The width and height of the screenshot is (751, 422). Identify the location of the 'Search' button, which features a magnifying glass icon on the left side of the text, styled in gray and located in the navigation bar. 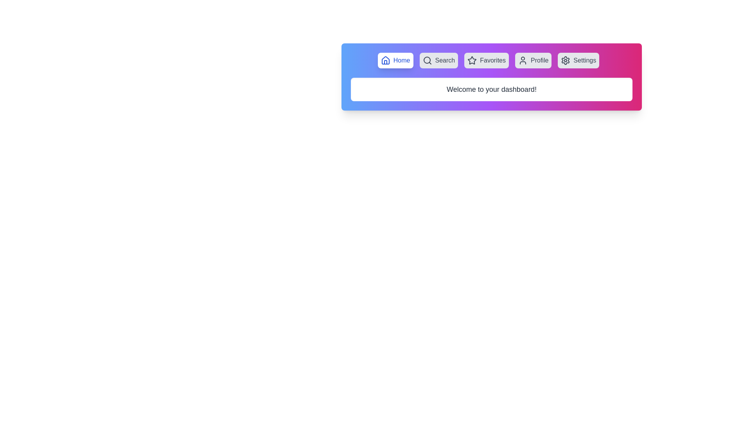
(438, 60).